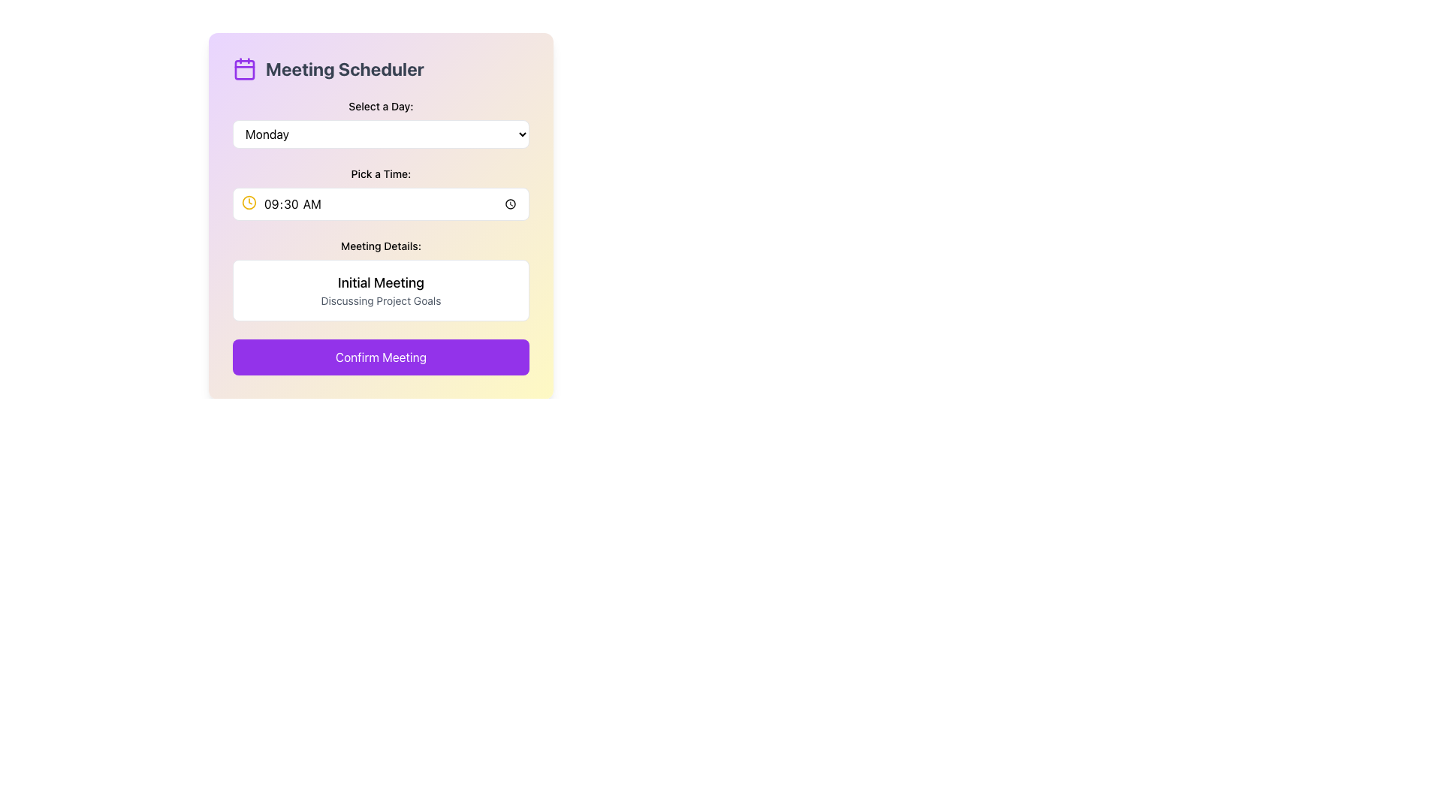 This screenshot has width=1442, height=811. Describe the element at coordinates (381, 301) in the screenshot. I see `descriptive label text located in the 'Meeting Details' section, positioned below the header text 'Initial Meeting'` at that location.